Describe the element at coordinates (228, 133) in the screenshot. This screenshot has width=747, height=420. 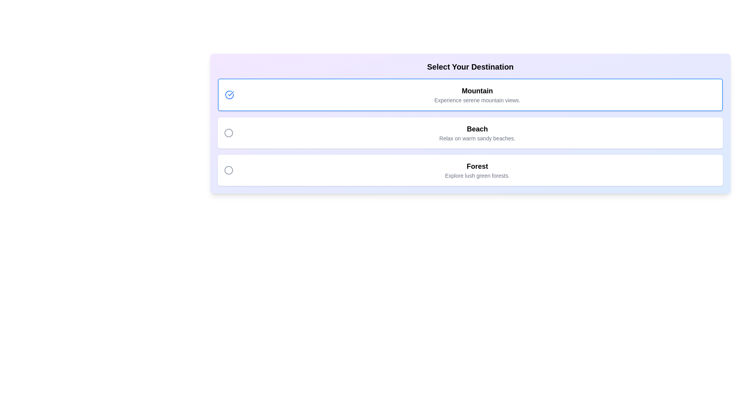
I see `the center of the radio button that indicates the 'Beach' option in the second row of a vertical list of selection markers` at that location.